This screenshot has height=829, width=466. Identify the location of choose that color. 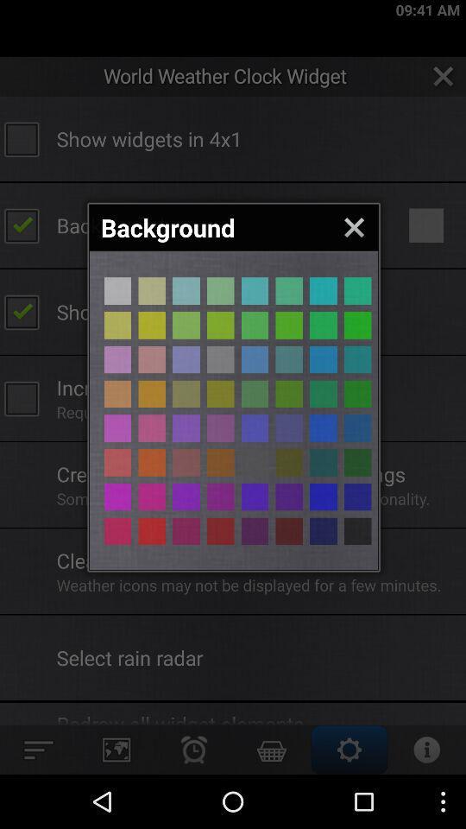
(254, 427).